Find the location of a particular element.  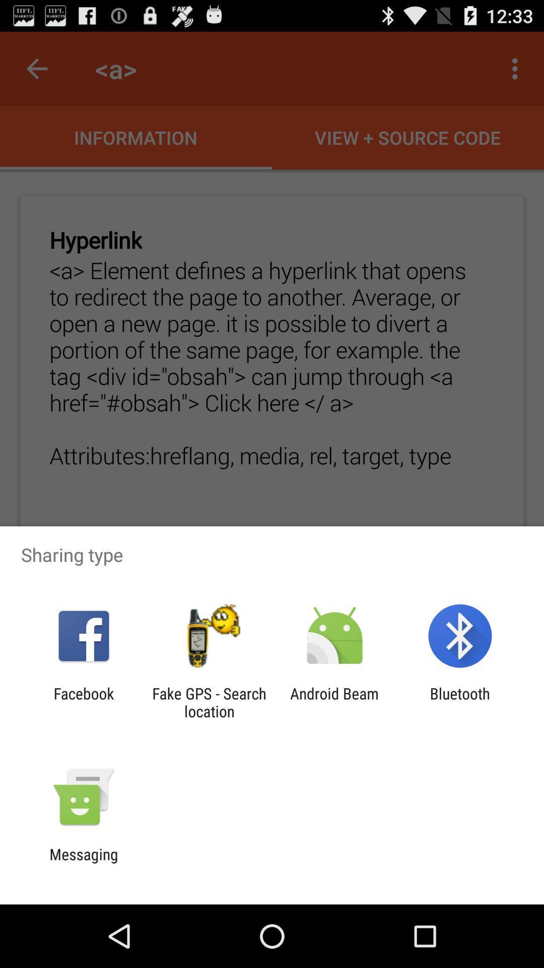

the bluetooth app is located at coordinates (460, 702).